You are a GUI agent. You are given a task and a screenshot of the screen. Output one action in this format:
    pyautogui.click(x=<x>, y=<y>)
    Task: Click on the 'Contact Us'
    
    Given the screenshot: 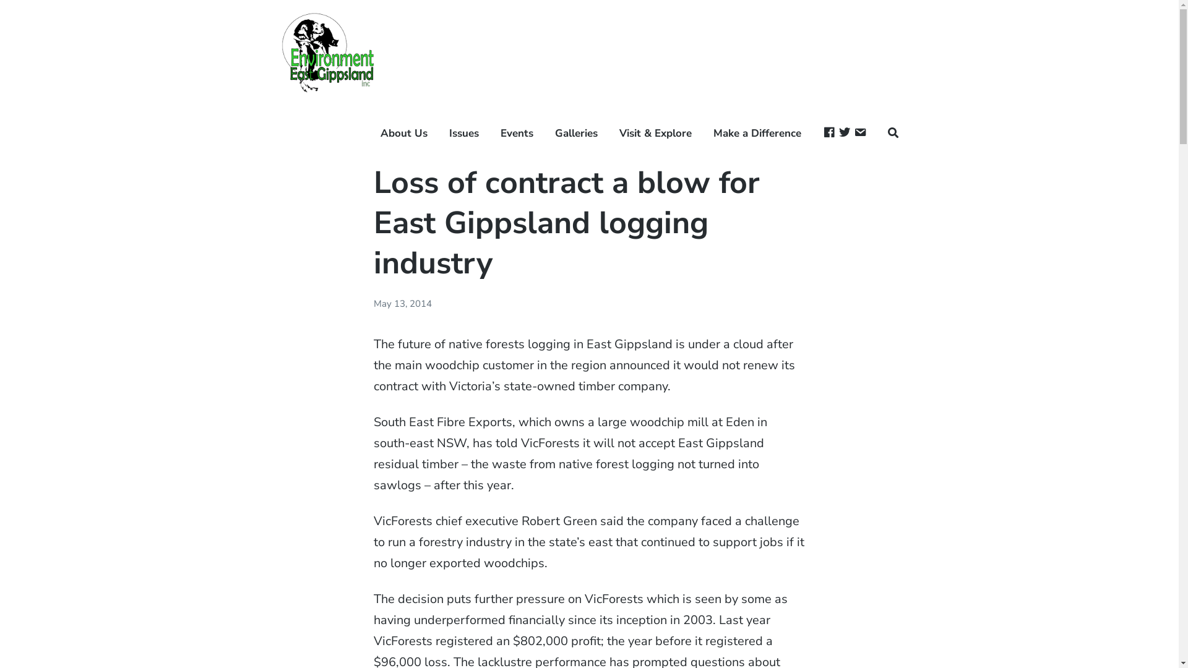 What is the action you would take?
    pyautogui.click(x=859, y=134)
    